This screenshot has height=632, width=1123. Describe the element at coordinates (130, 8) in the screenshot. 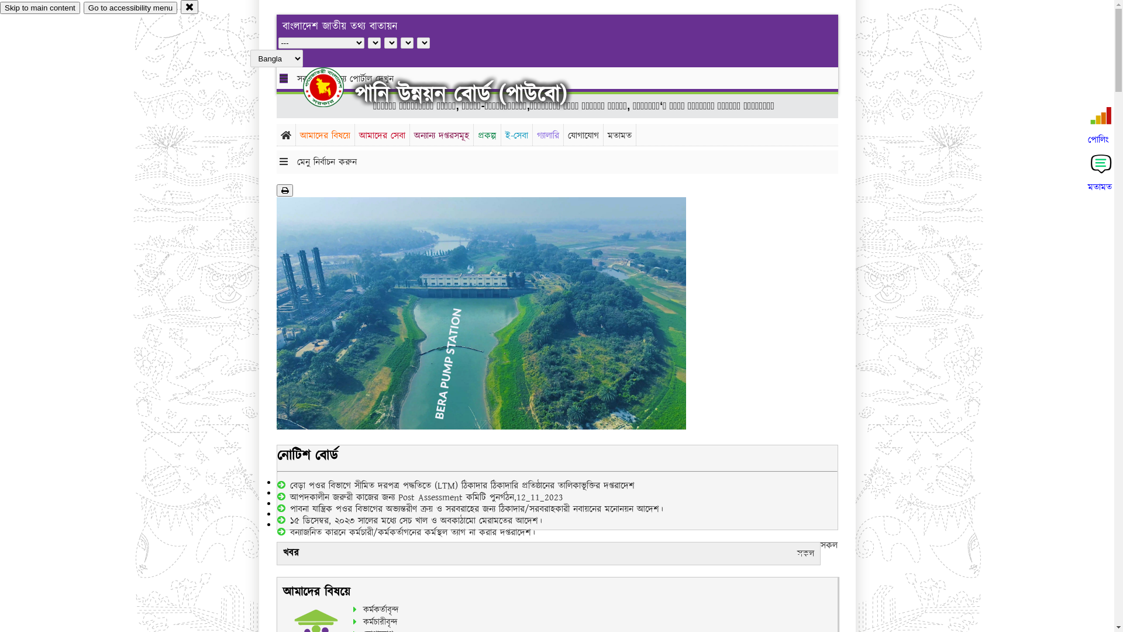

I see `'Go to accessibility menu'` at that location.